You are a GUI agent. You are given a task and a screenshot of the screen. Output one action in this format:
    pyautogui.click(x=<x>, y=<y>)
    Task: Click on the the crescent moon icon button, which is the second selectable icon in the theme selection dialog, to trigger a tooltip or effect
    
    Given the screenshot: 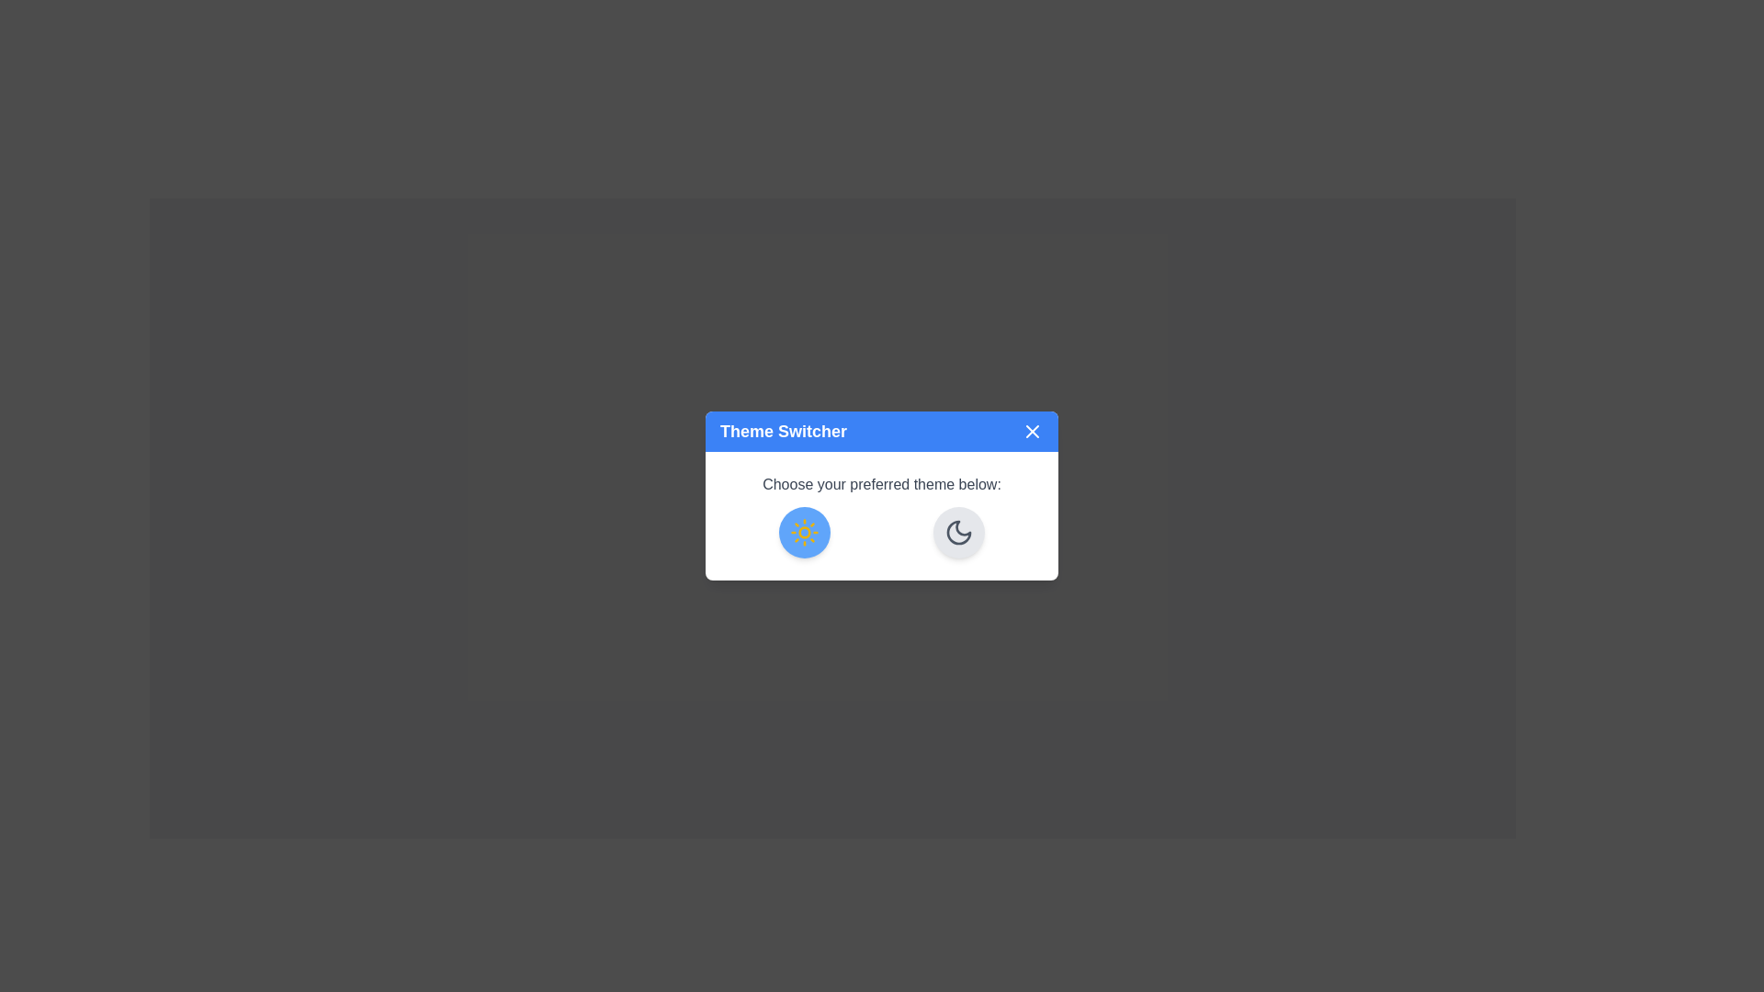 What is the action you would take?
    pyautogui.click(x=957, y=532)
    